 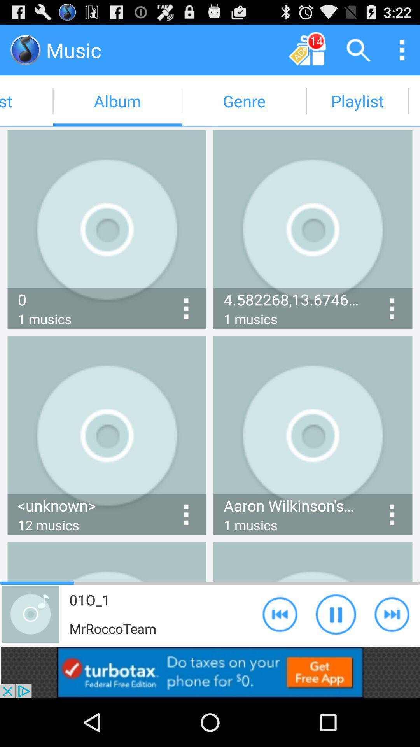 I want to click on menu, so click(x=402, y=49).